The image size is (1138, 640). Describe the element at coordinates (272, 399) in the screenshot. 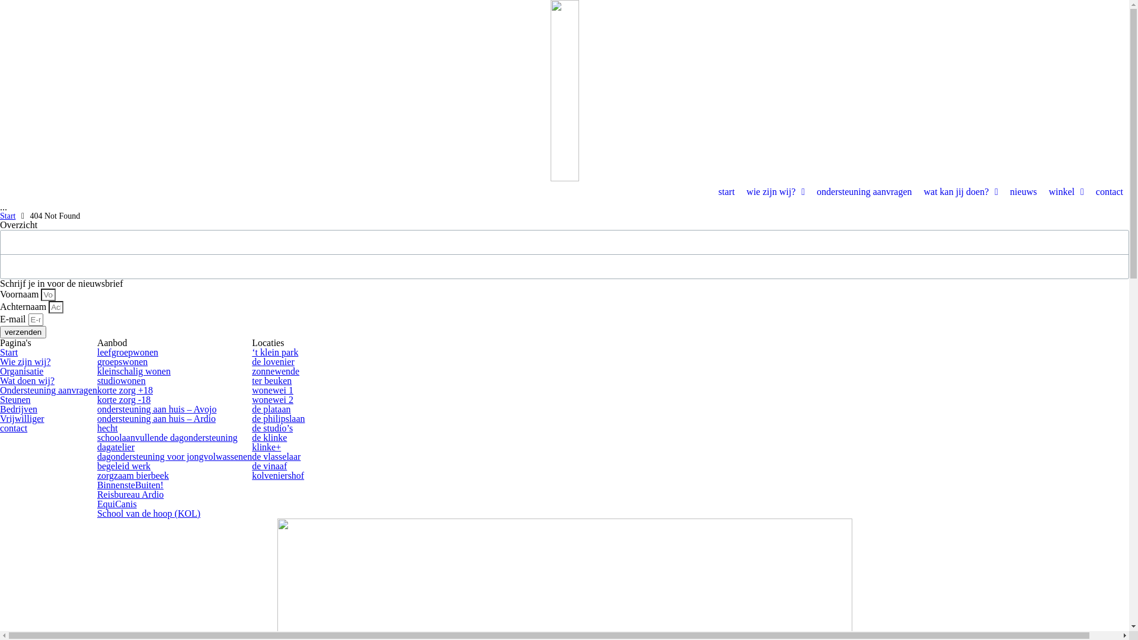

I see `'wonewei 2'` at that location.